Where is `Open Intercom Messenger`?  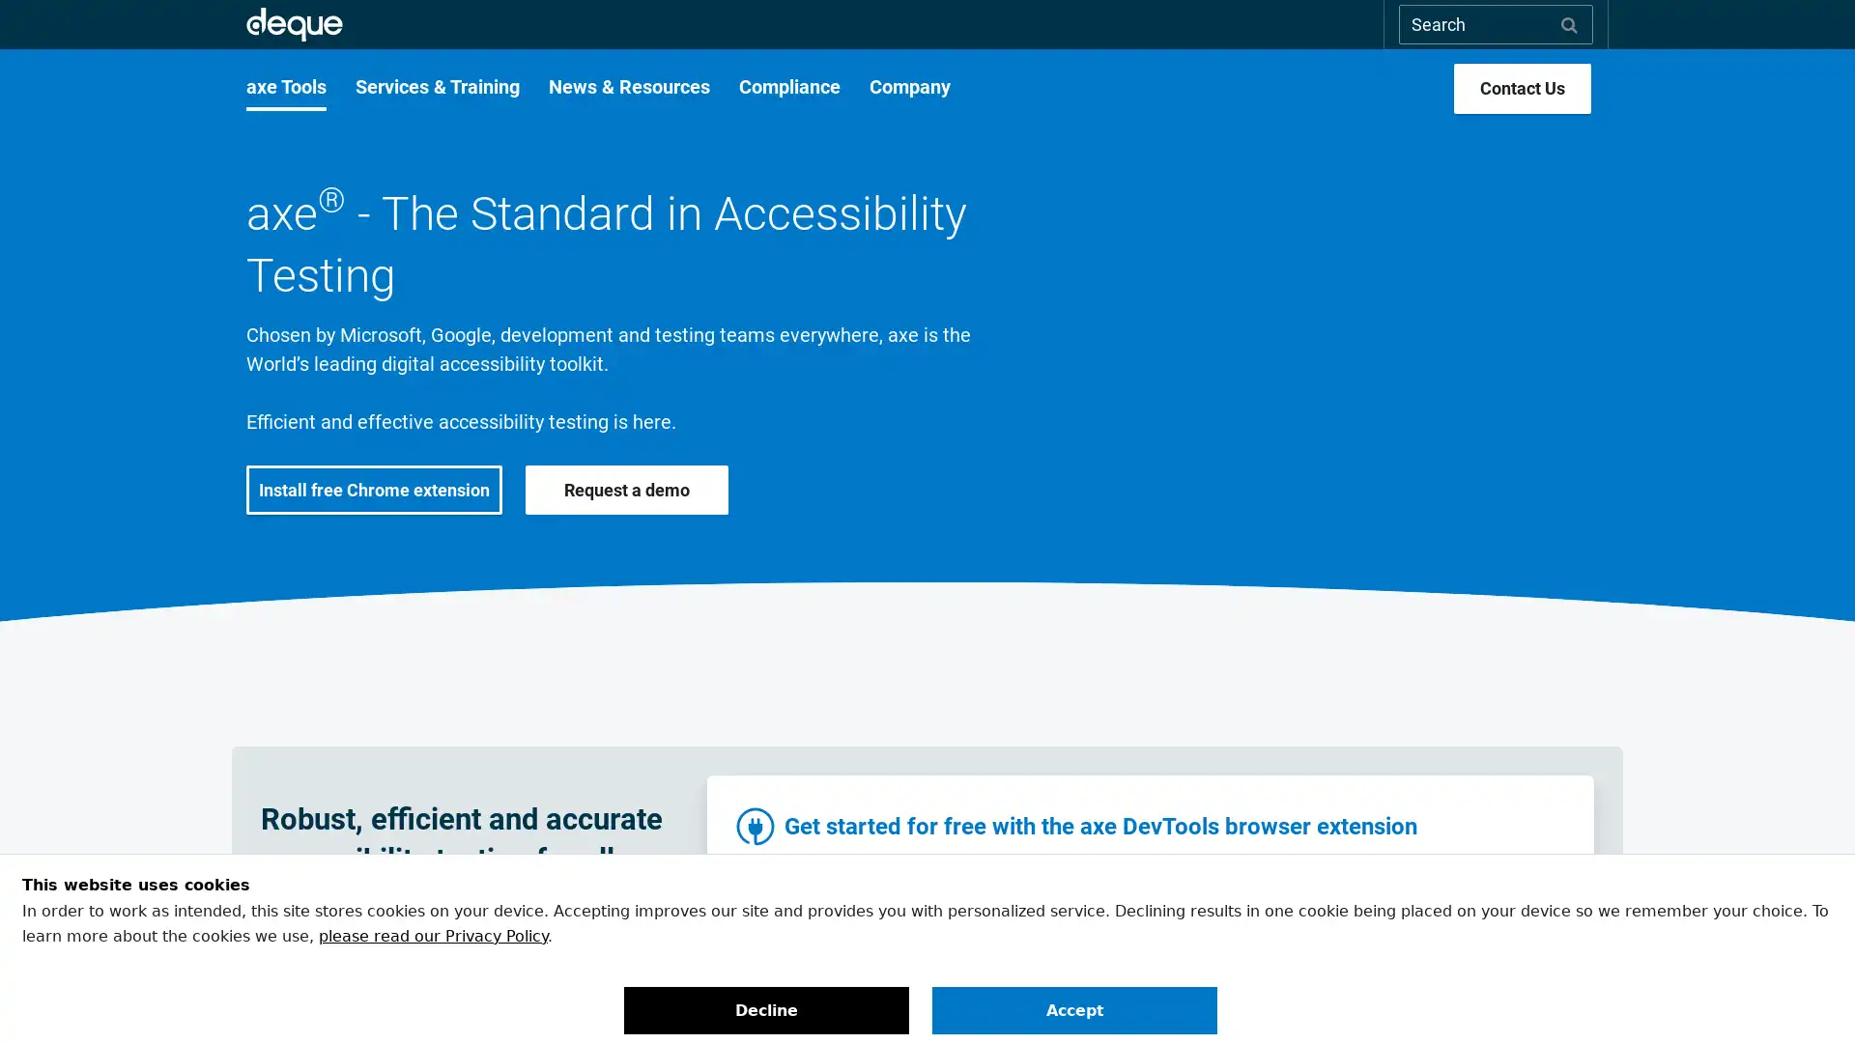
Open Intercom Messenger is located at coordinates (1806, 994).